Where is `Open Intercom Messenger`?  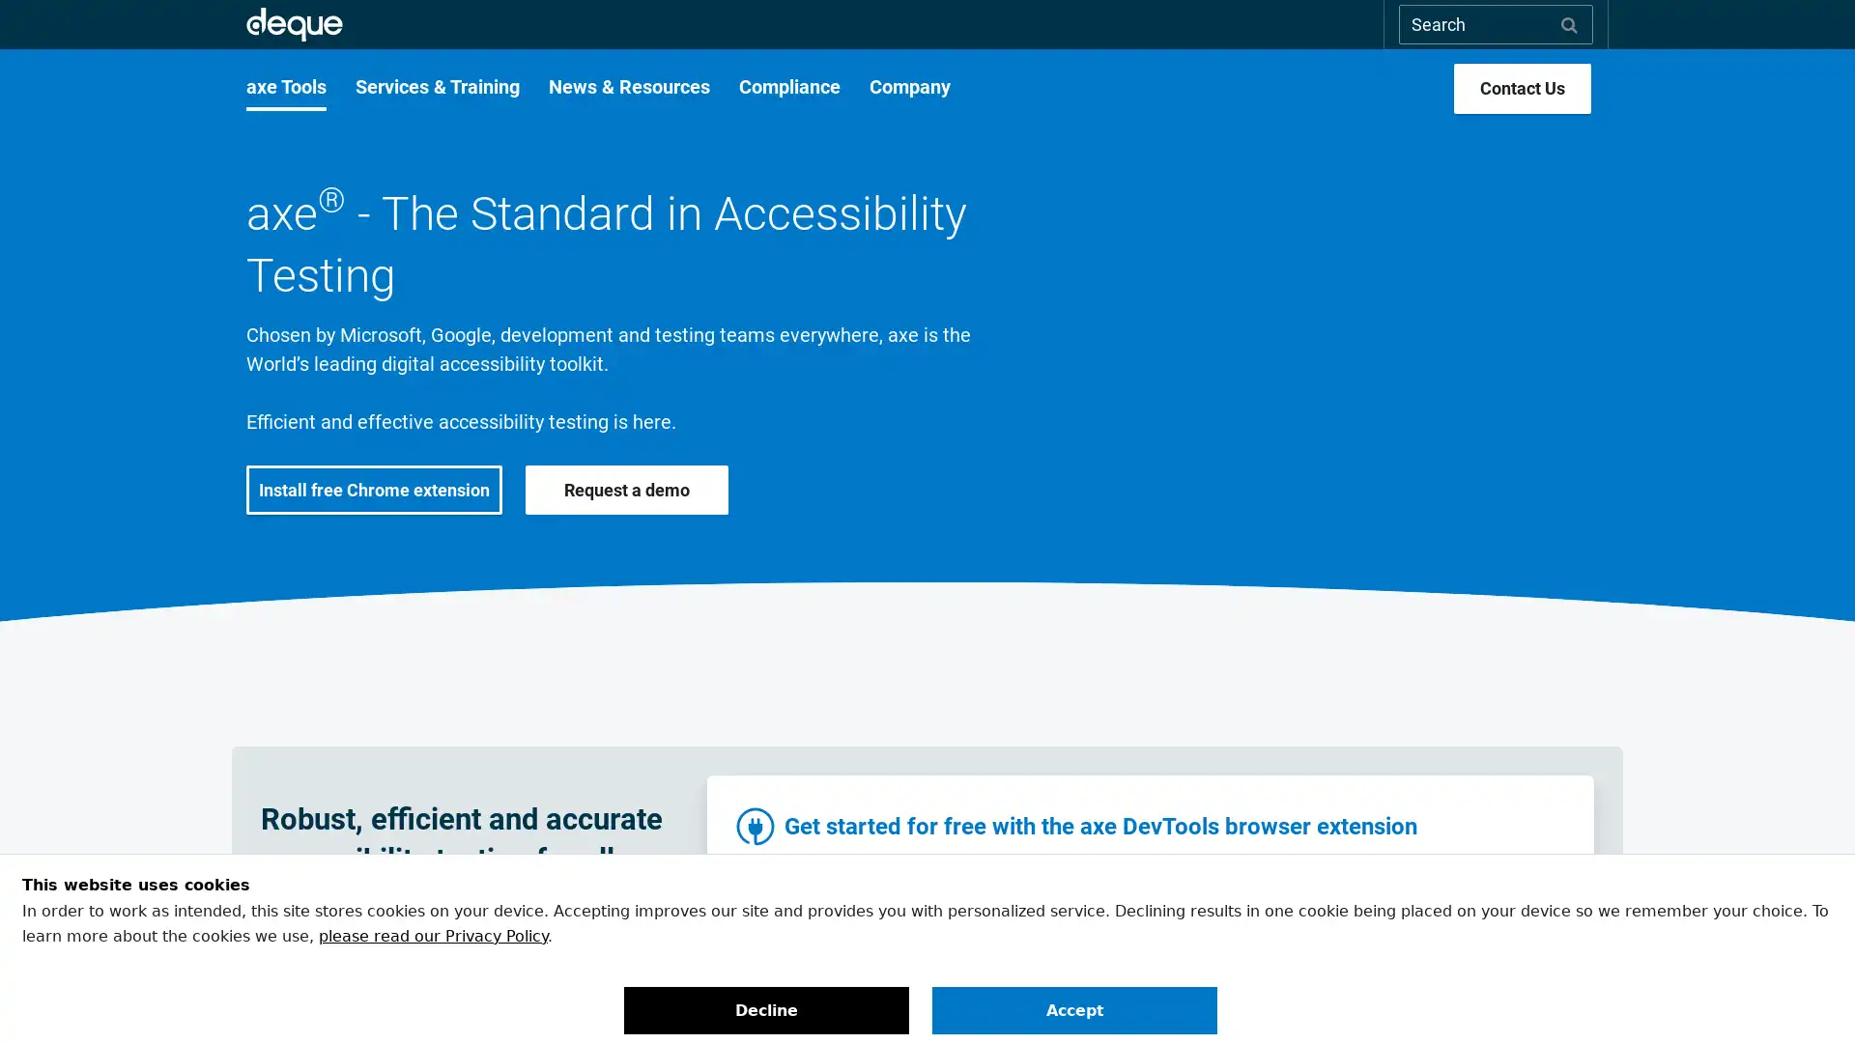
Open Intercom Messenger is located at coordinates (1806, 994).